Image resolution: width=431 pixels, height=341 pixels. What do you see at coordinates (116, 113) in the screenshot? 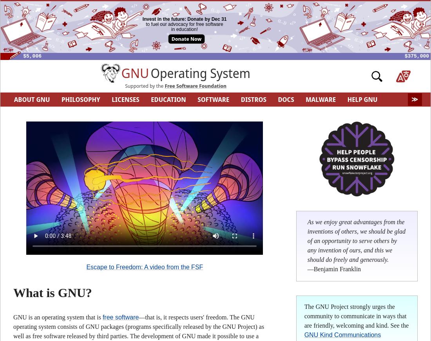
I see `'FUN'` at bounding box center [116, 113].